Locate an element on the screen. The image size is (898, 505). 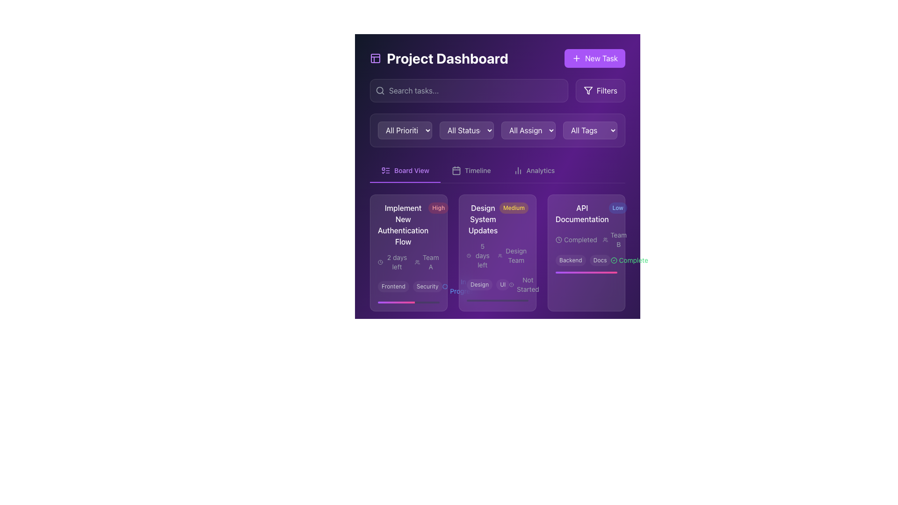
the 'High' priority badge located at the upper-right corner of the card titled 'Implement New Authentication Flow' on the dashboard is located at coordinates (438, 207).